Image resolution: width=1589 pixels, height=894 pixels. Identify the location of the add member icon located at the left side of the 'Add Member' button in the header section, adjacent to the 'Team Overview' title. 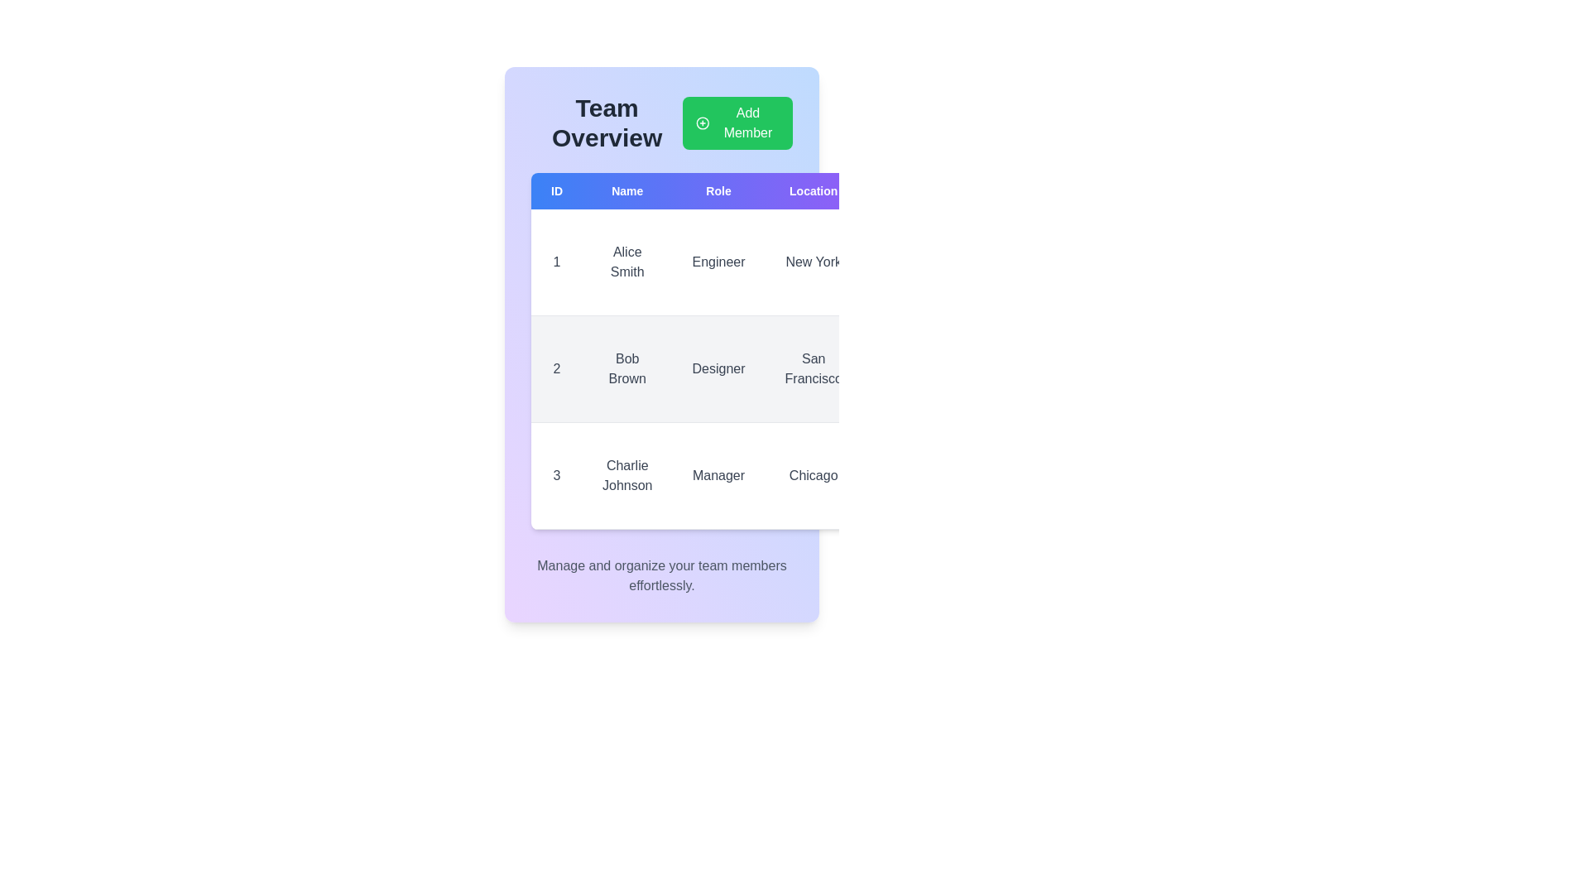
(703, 123).